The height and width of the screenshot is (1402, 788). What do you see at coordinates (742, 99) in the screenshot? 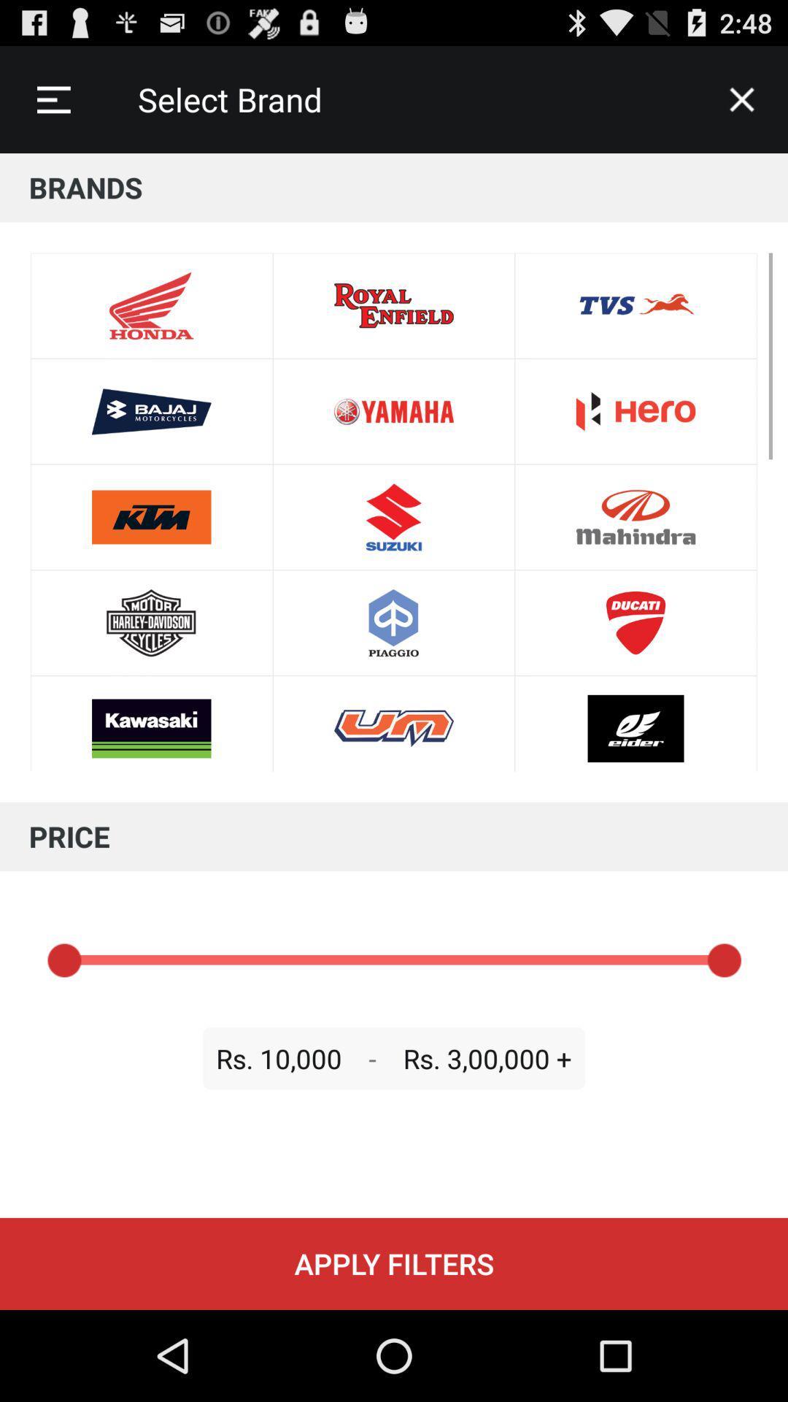
I see `the item above brands` at bounding box center [742, 99].